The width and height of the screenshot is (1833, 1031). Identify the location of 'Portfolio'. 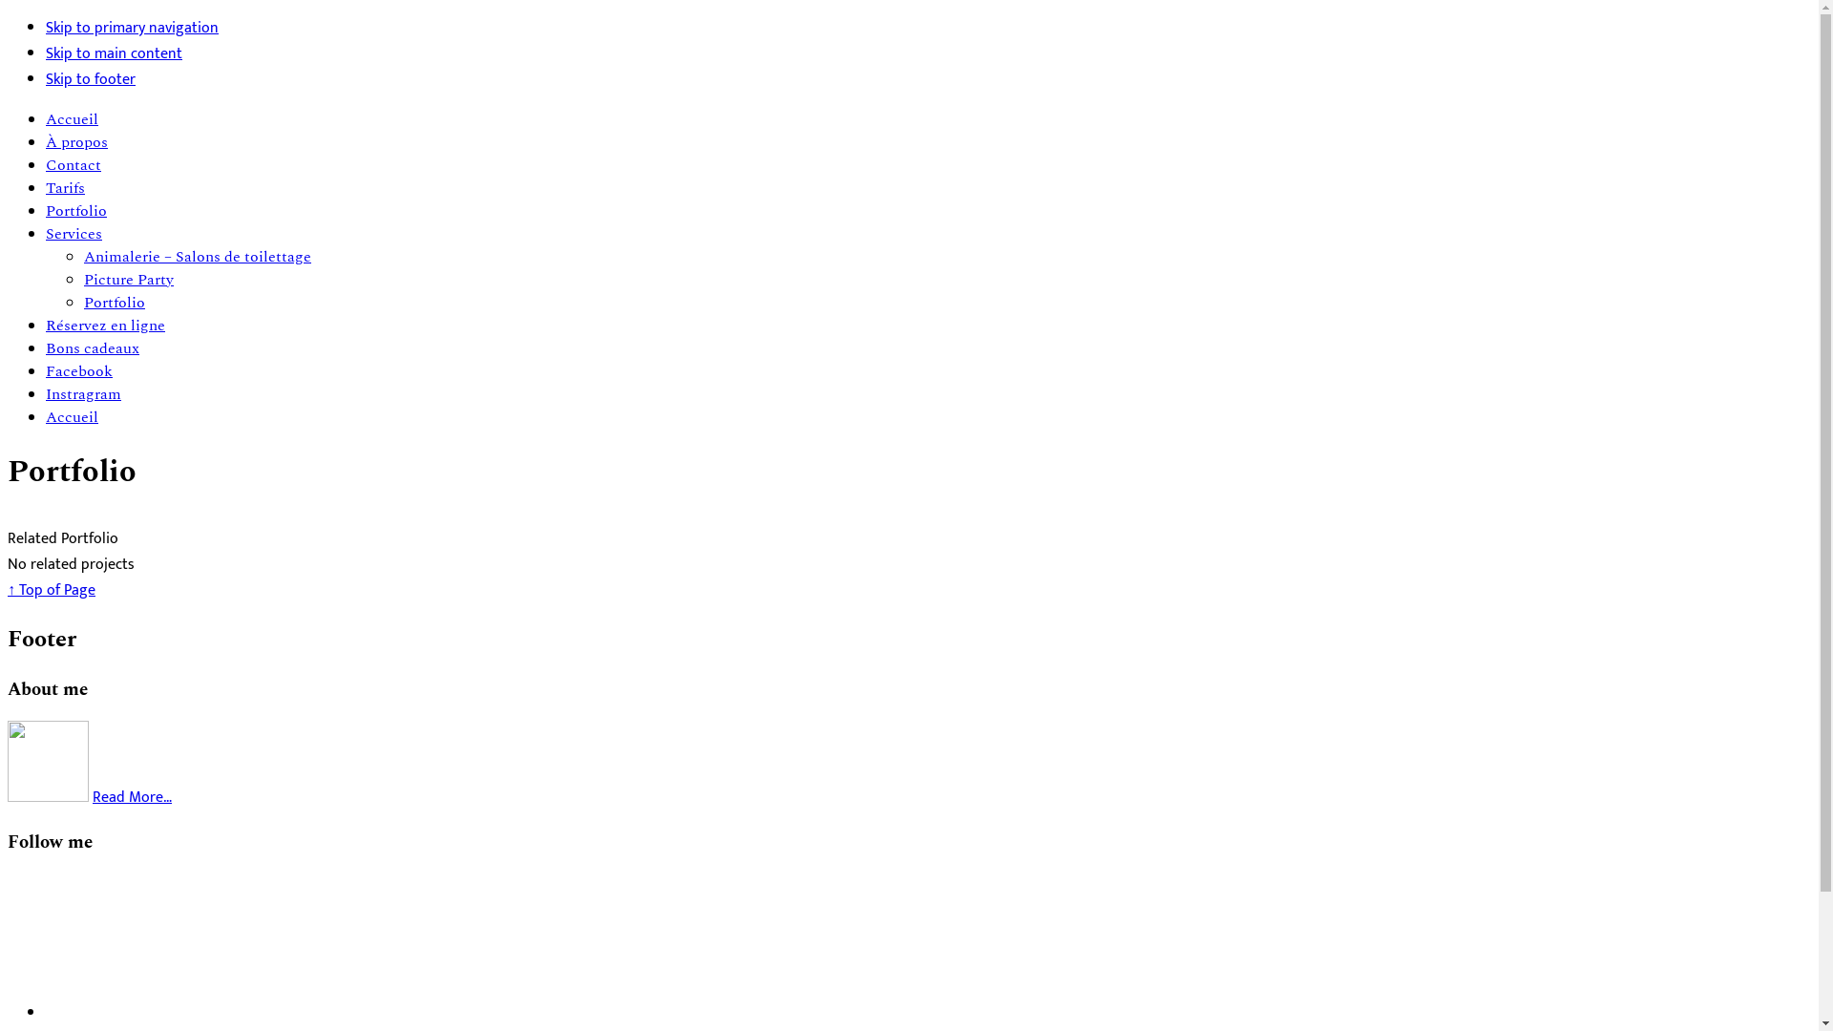
(114, 301).